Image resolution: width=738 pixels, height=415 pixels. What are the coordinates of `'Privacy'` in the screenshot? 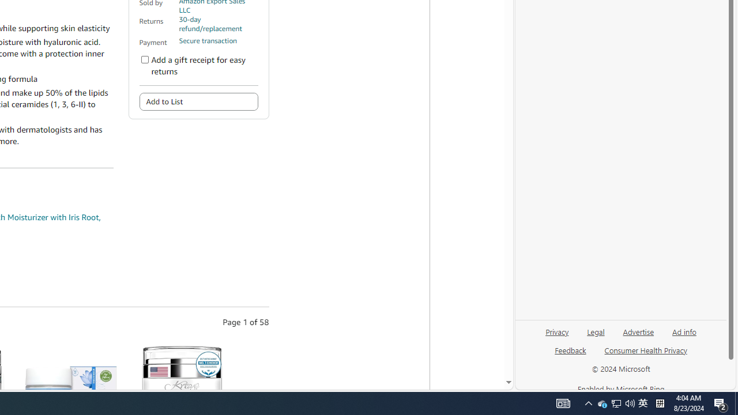 It's located at (558, 336).